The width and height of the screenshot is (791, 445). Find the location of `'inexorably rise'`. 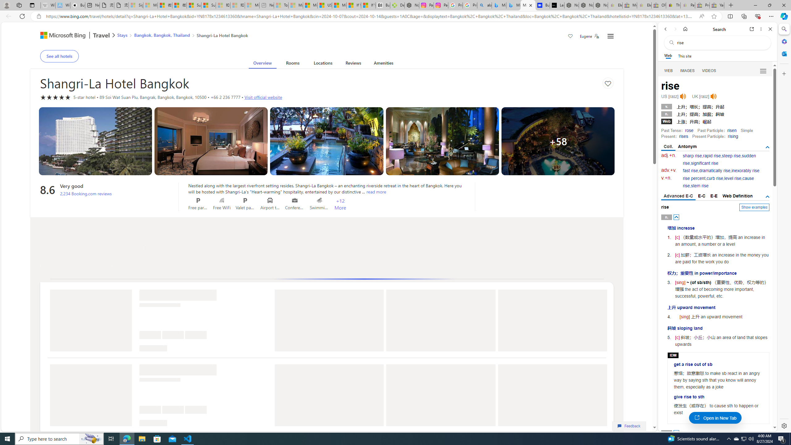

'inexorably rise' is located at coordinates (745, 170).